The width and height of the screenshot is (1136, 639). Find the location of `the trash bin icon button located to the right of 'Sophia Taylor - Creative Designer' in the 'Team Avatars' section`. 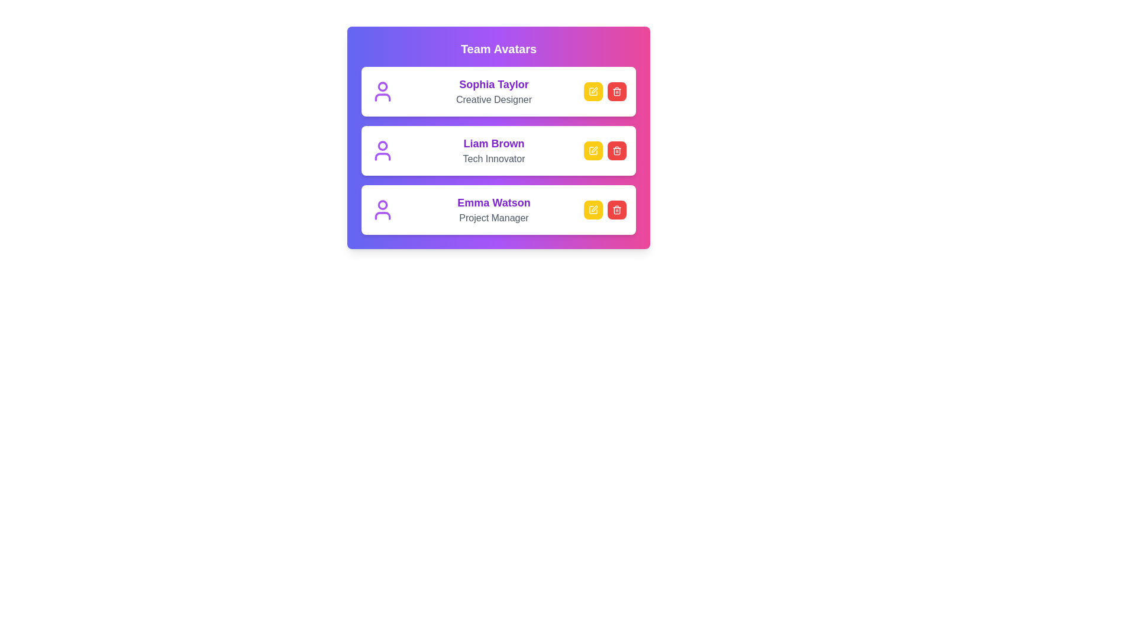

the trash bin icon button located to the right of 'Sophia Taylor - Creative Designer' in the 'Team Avatars' section is located at coordinates (616, 91).